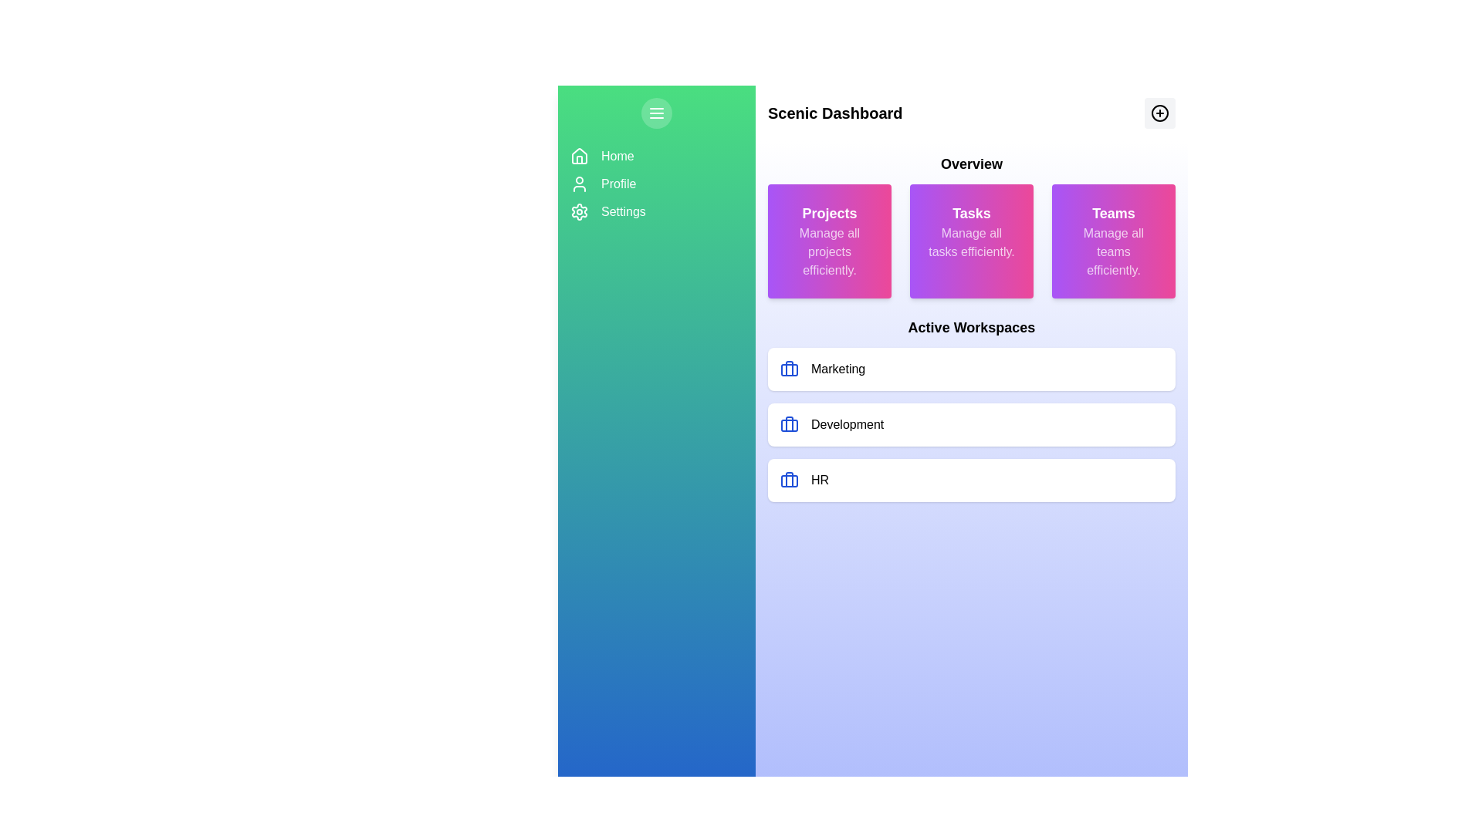  I want to click on the 'Profile' text label in the sidebar, so click(618, 184).